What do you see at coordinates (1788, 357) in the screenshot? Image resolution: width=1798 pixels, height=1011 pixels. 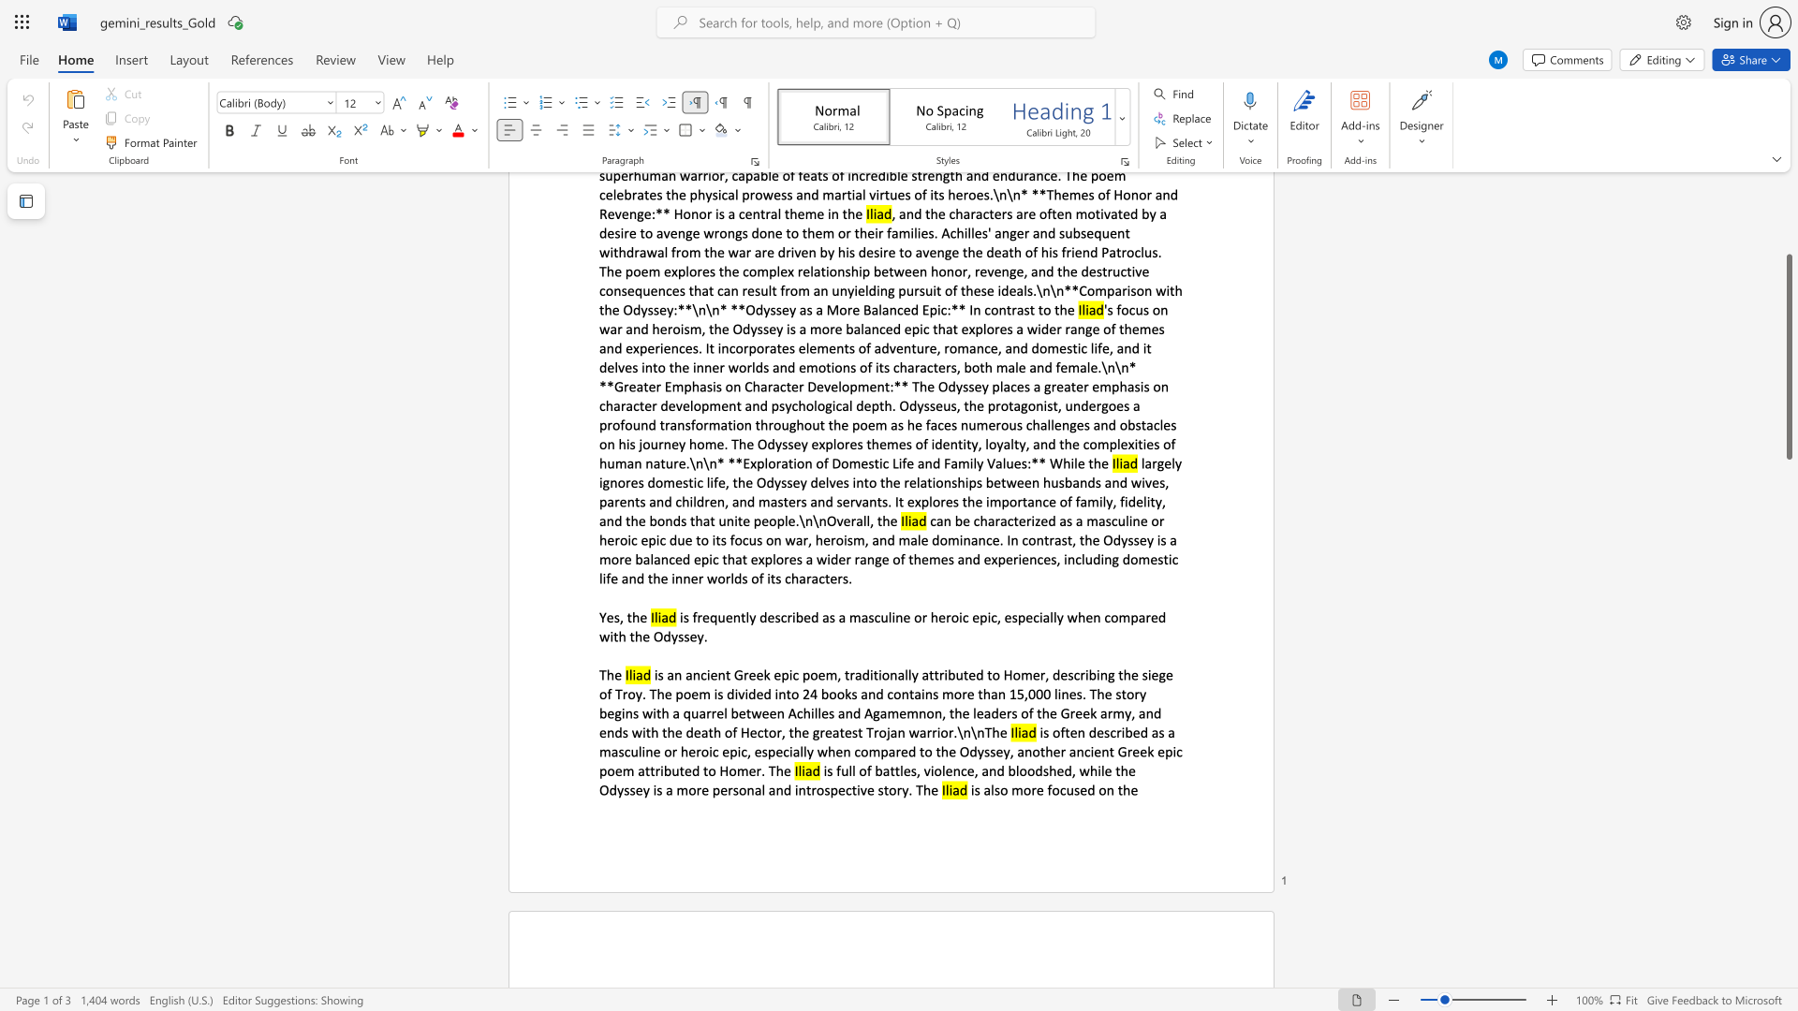 I see `the scrollbar and move down 580 pixels` at bounding box center [1788, 357].